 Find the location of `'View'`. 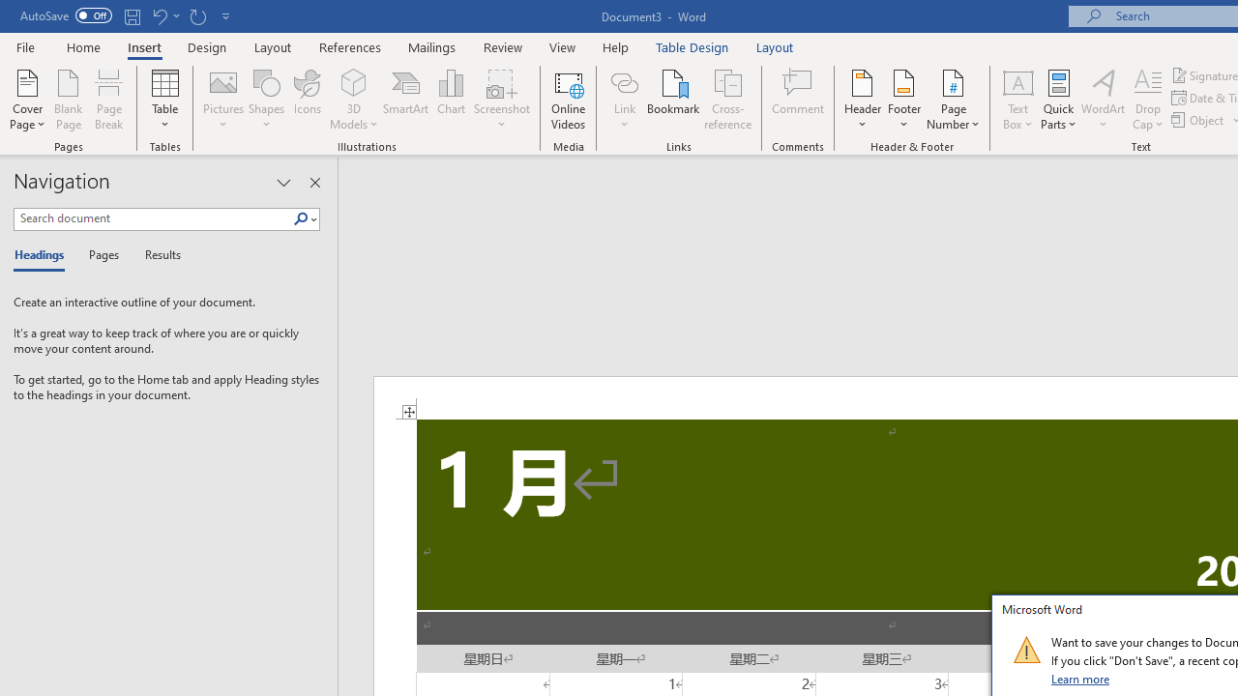

'View' is located at coordinates (562, 46).